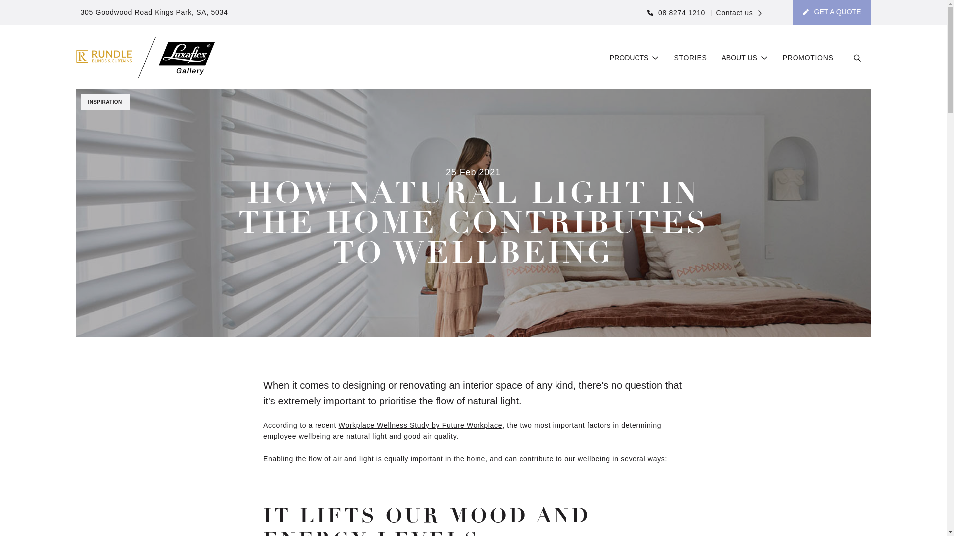  What do you see at coordinates (736, 13) in the screenshot?
I see `'Contact us'` at bounding box center [736, 13].